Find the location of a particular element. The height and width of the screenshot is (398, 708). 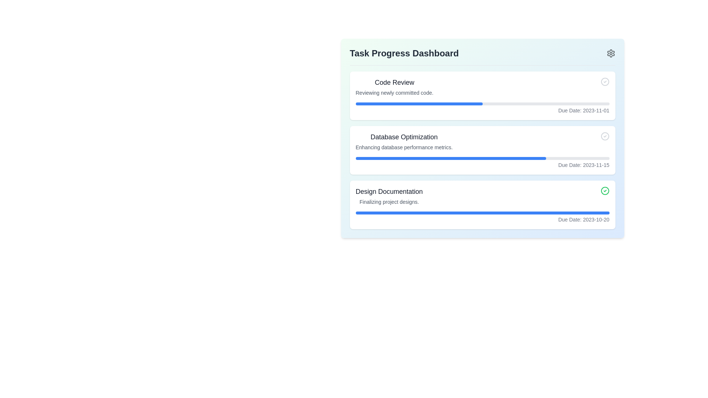

green circular outline with a solid green center of the checkmark icon associated with the 'Design Documentation' row by clicking on it is located at coordinates (605, 190).